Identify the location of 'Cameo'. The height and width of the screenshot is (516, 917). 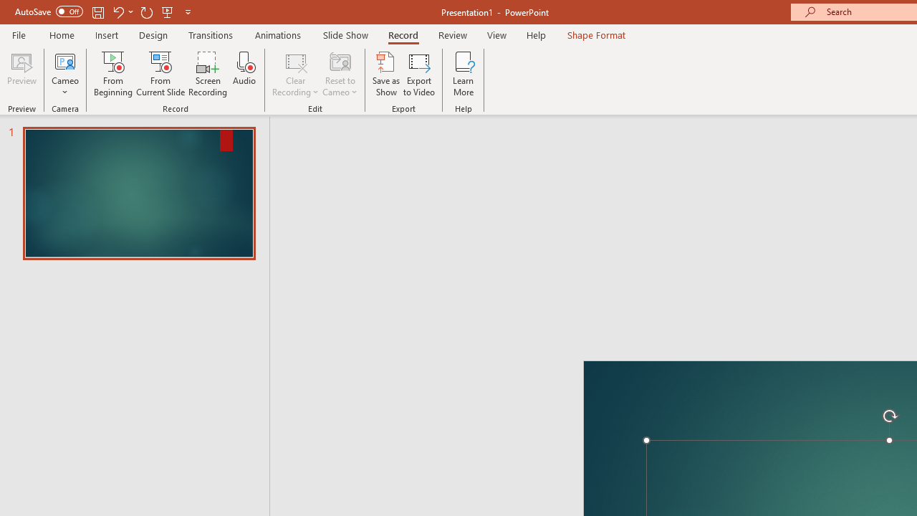
(64, 74).